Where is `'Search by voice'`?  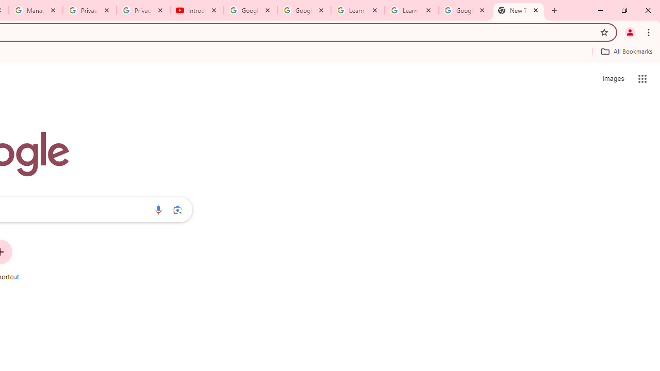 'Search by voice' is located at coordinates (158, 209).